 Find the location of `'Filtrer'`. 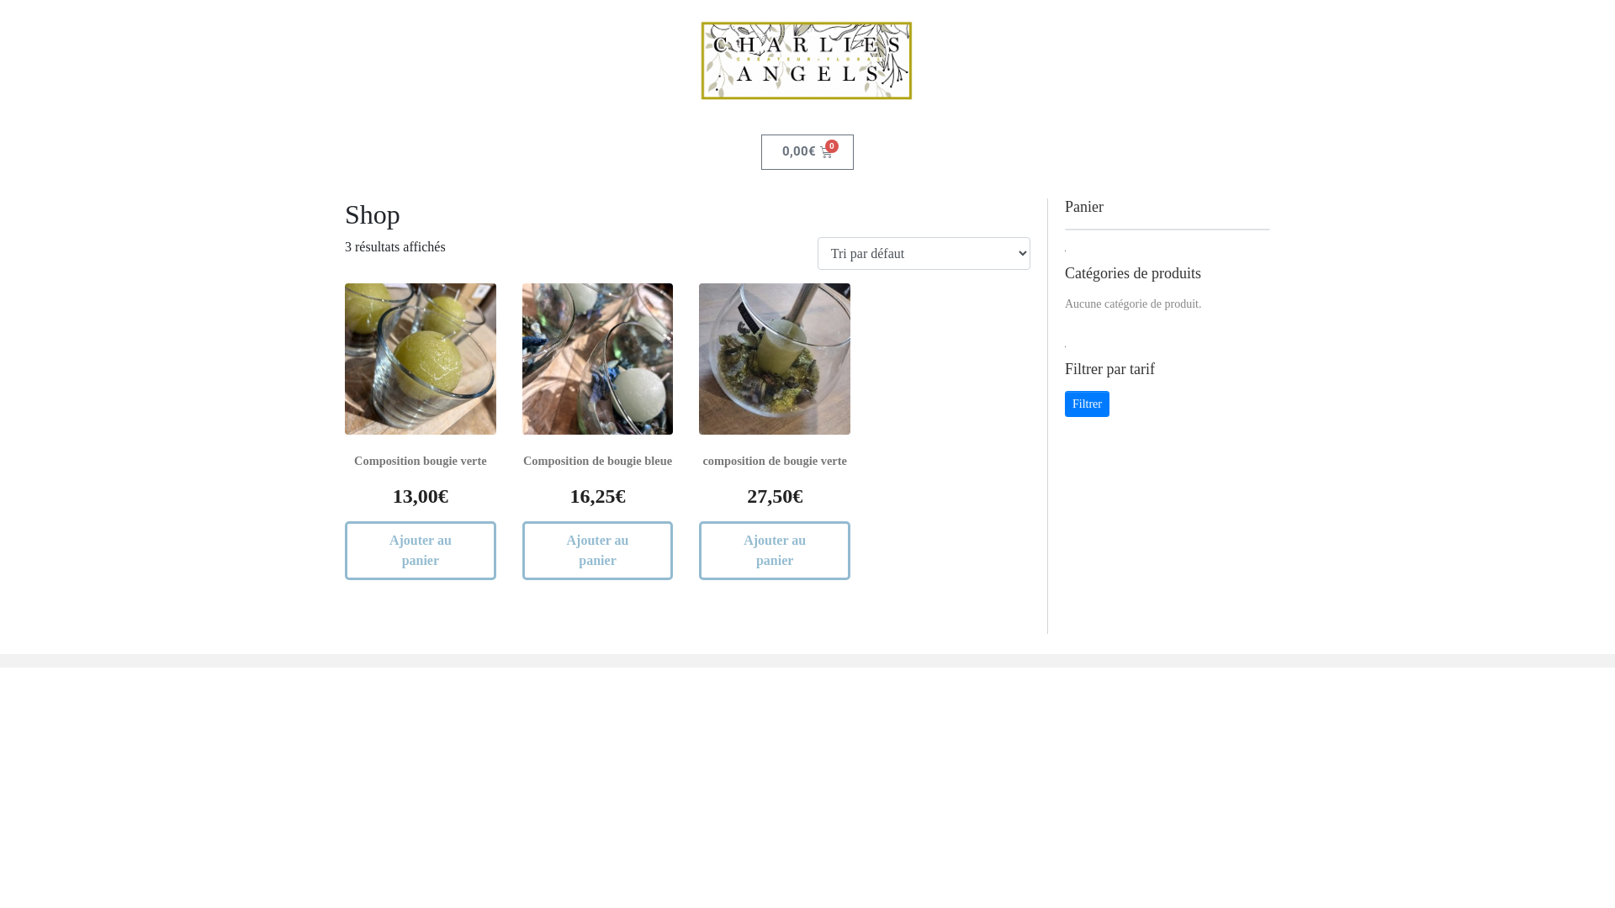

'Filtrer' is located at coordinates (1087, 404).